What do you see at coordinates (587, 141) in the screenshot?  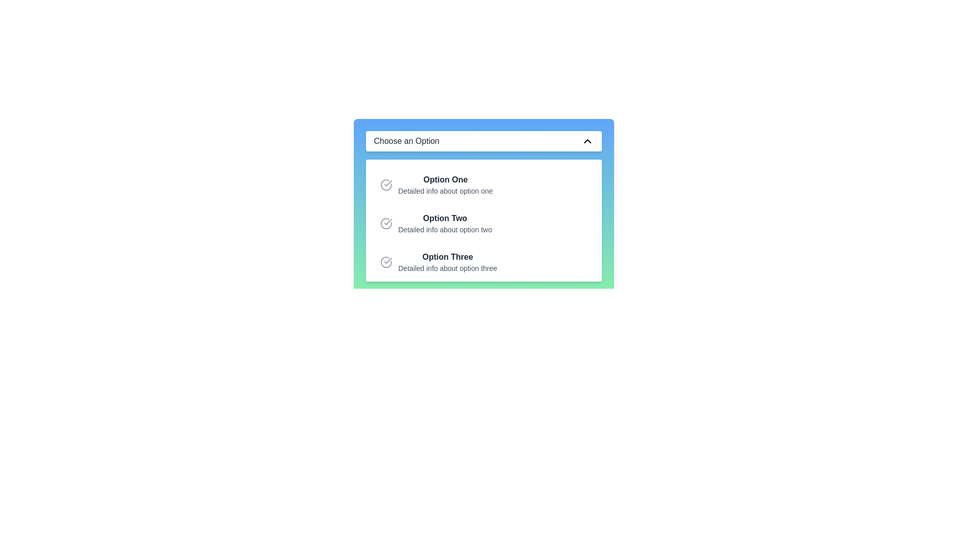 I see `the chevron-style dropdown icon located at the far right side of the dropdown menu, adjacent to the text 'Choose an Option'` at bounding box center [587, 141].